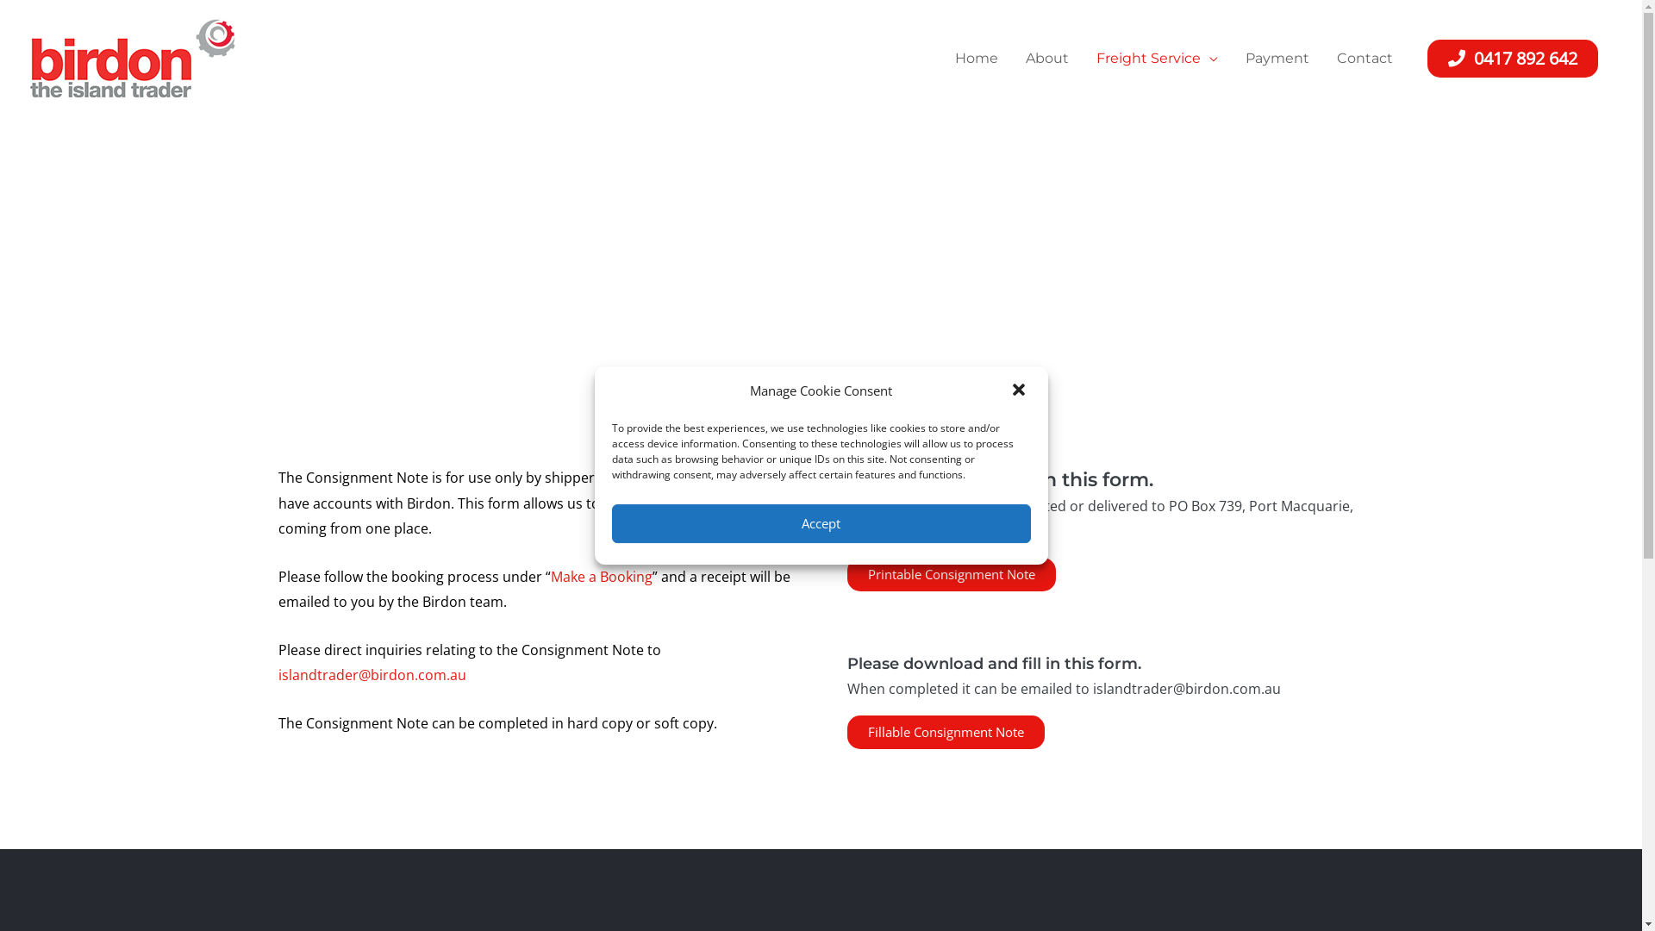 This screenshot has width=1655, height=931. I want to click on 'About', so click(1046, 58).